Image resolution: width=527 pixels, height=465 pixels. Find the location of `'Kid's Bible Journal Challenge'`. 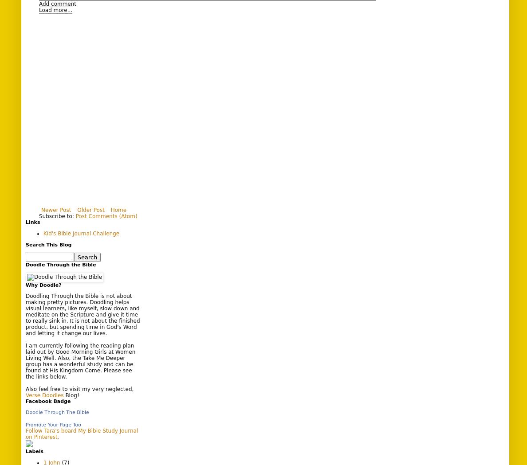

'Kid's Bible Journal Challenge' is located at coordinates (81, 232).